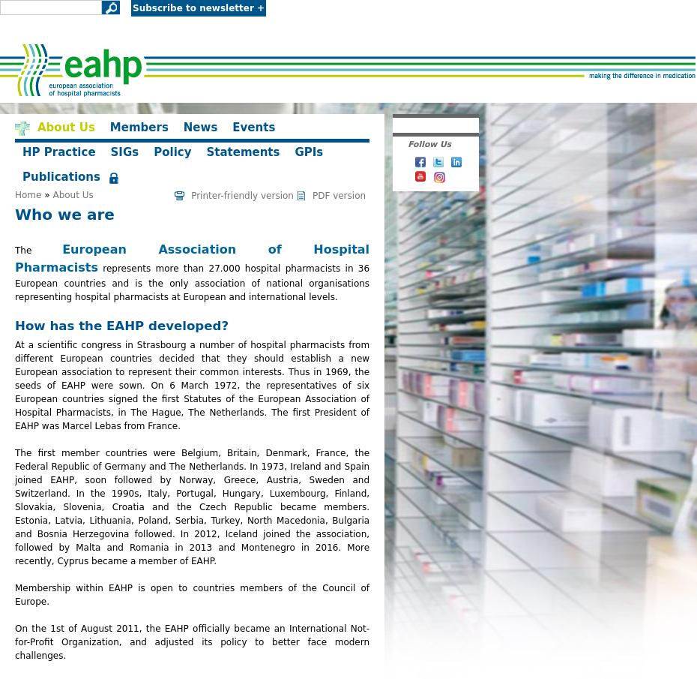 The width and height of the screenshot is (697, 679). I want to click on 'The', so click(37, 250).